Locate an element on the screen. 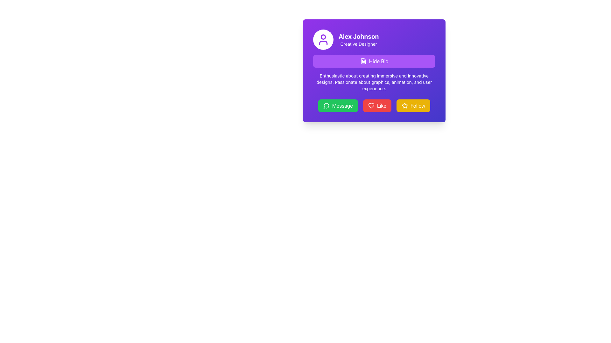 This screenshot has width=611, height=343. the star icon with a hollow design and golden yellow color within the 'Follow' button, located in the third slot of the action buttons at the bottom of the profile card is located at coordinates (404, 105).